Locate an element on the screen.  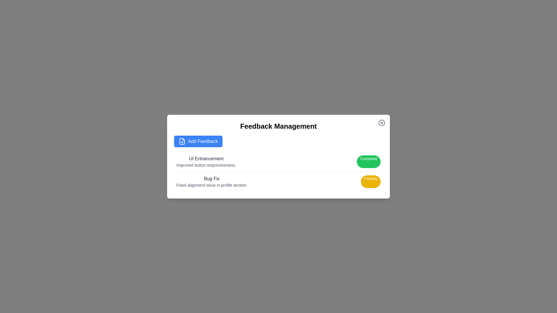
the 'UI Enhancement' text block is located at coordinates (206, 161).